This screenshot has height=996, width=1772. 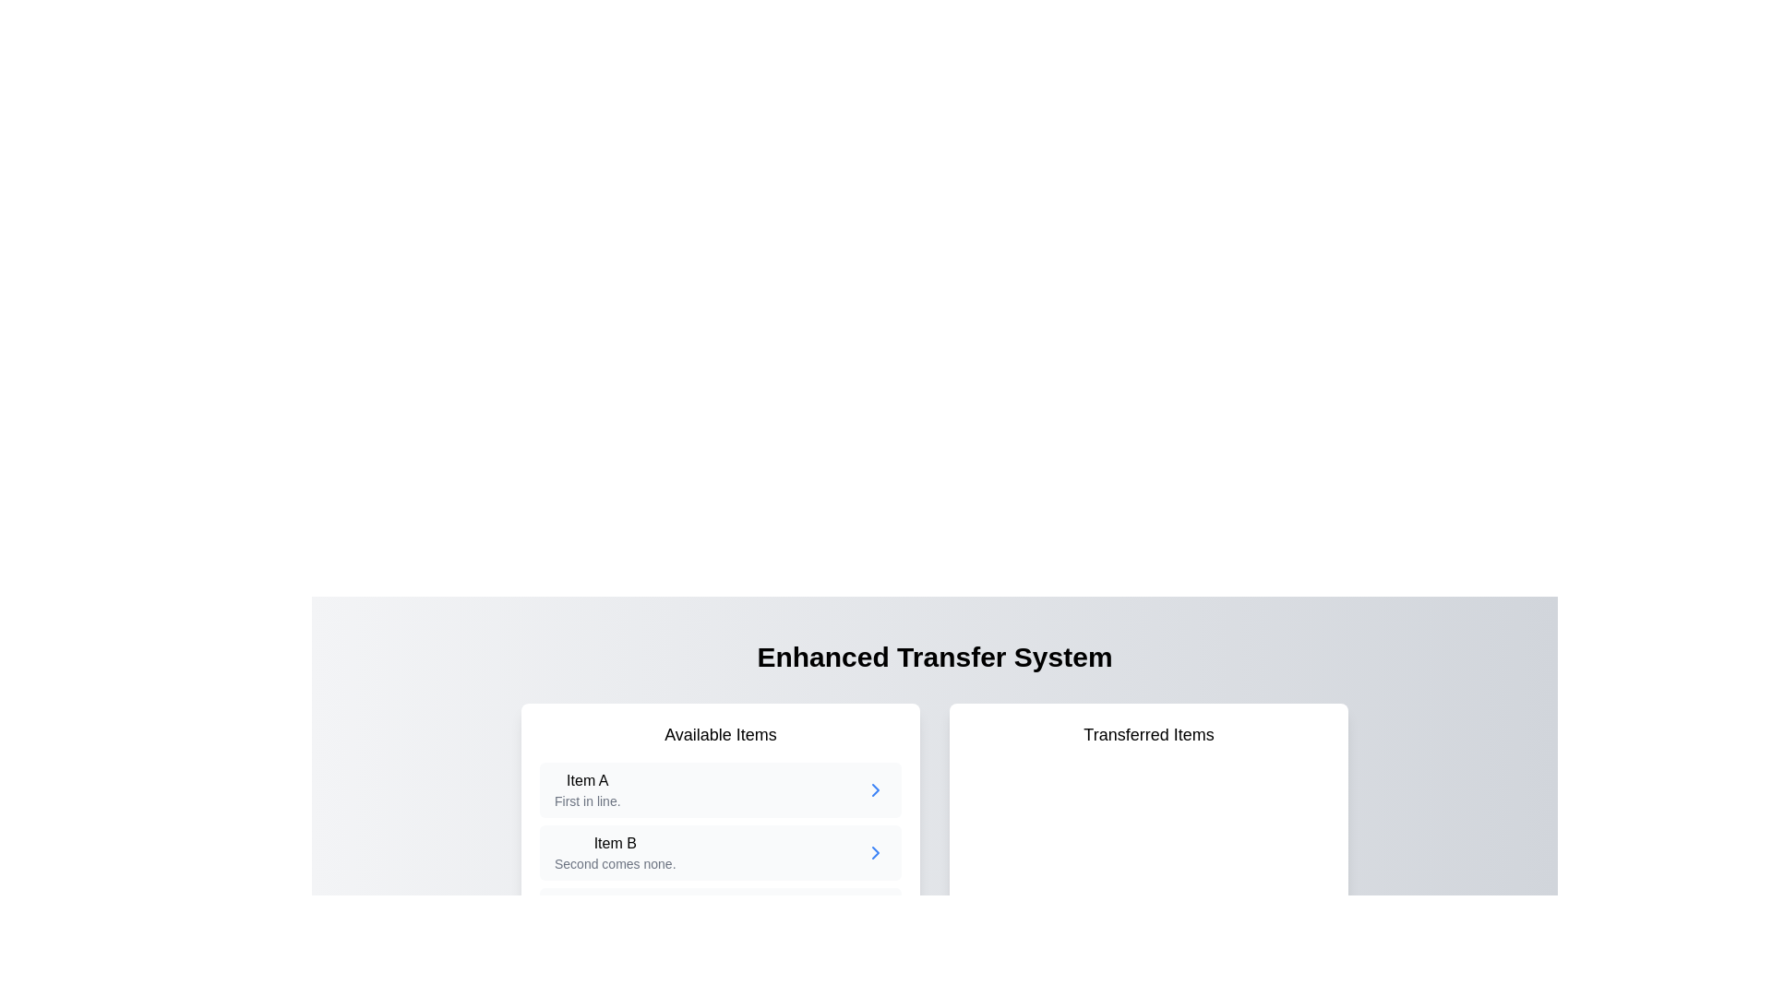 What do you see at coordinates (1147, 734) in the screenshot?
I see `the 'Transferred Items' text label, which is a bold, larger font indicating it serves as a heading within a white box on the right side of the interface` at bounding box center [1147, 734].